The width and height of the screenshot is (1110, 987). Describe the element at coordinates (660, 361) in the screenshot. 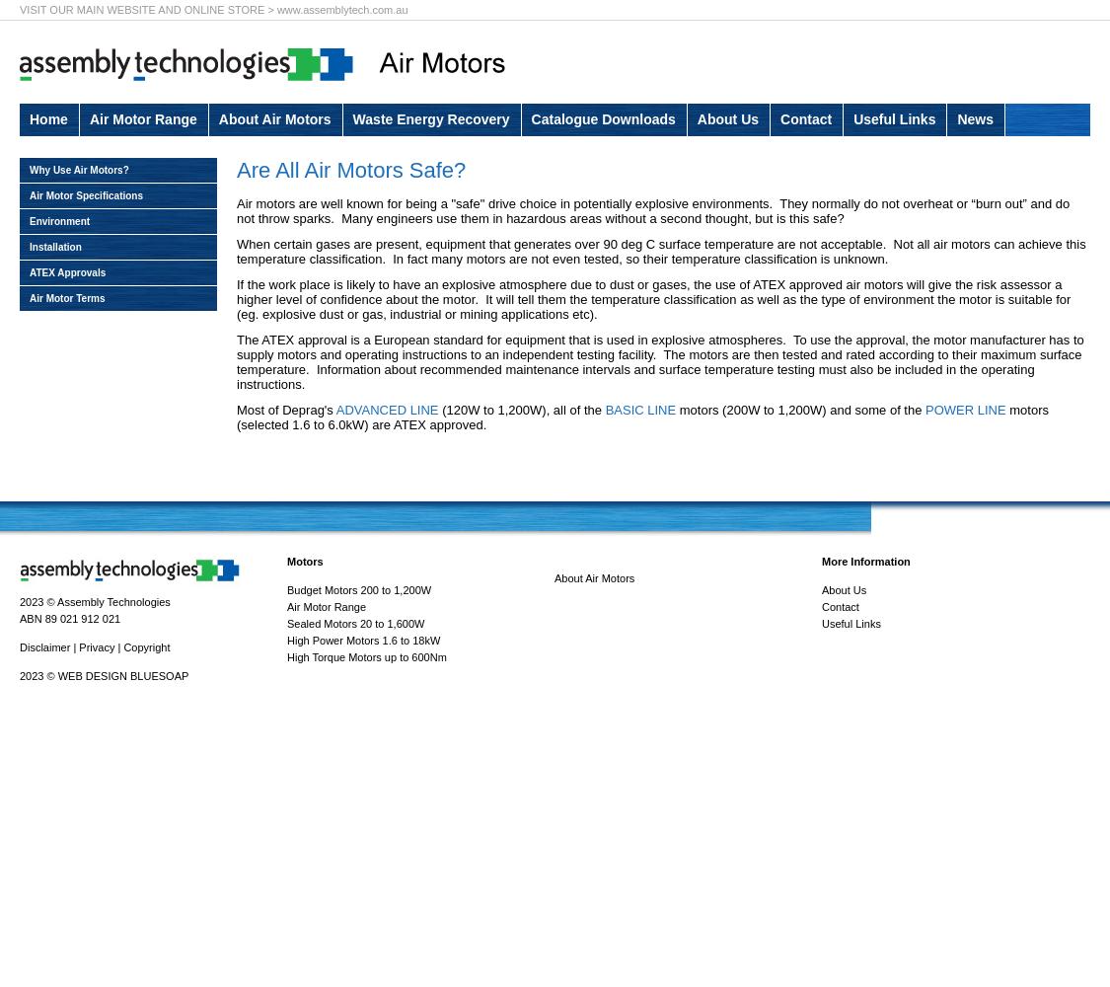

I see `'The ATEX approval is a European standard for equipment that is used in explosive atmospheres.  To use the approval, the motor manufacturer has to supply motors and operating instructions to an independent testing facility.  The motors are then tested and rated according to their maximum surface temperature.  Information about recommended maintenance intervals and surface temperature testing must also be included in the operating instructions.'` at that location.